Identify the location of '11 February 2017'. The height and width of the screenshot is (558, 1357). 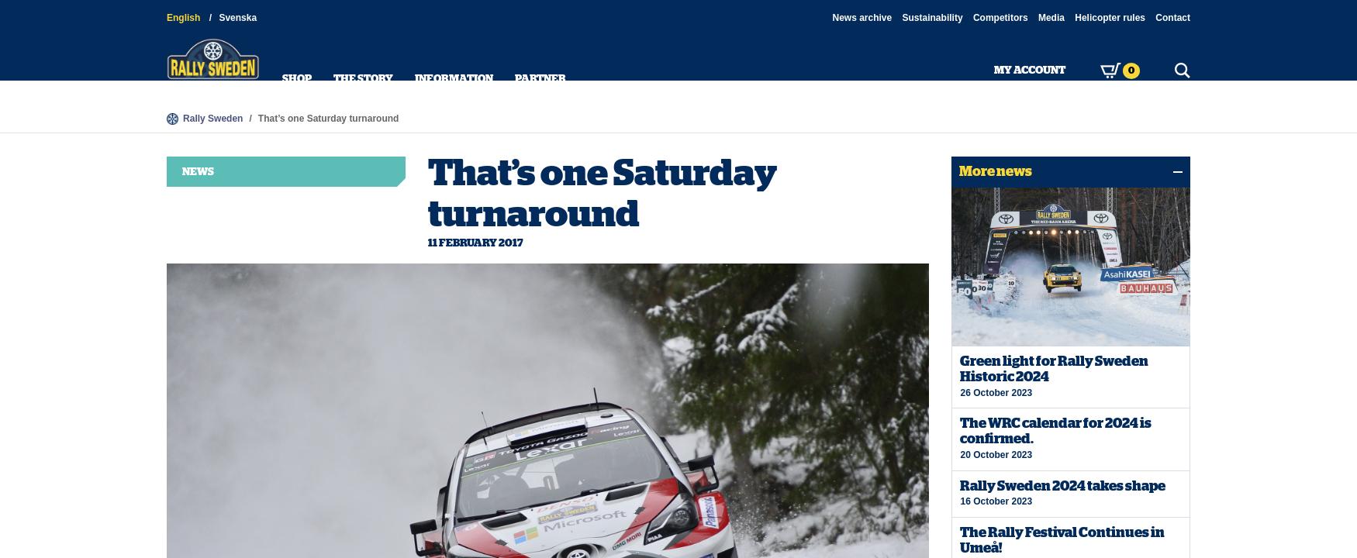
(475, 242).